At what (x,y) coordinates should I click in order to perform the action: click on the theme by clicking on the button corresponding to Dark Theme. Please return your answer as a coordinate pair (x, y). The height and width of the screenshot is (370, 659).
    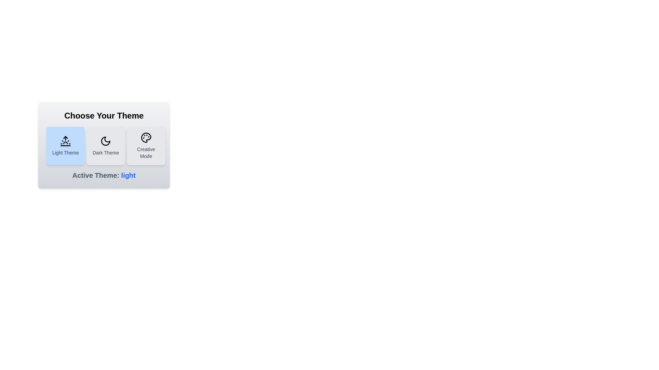
    Looking at the image, I should click on (105, 145).